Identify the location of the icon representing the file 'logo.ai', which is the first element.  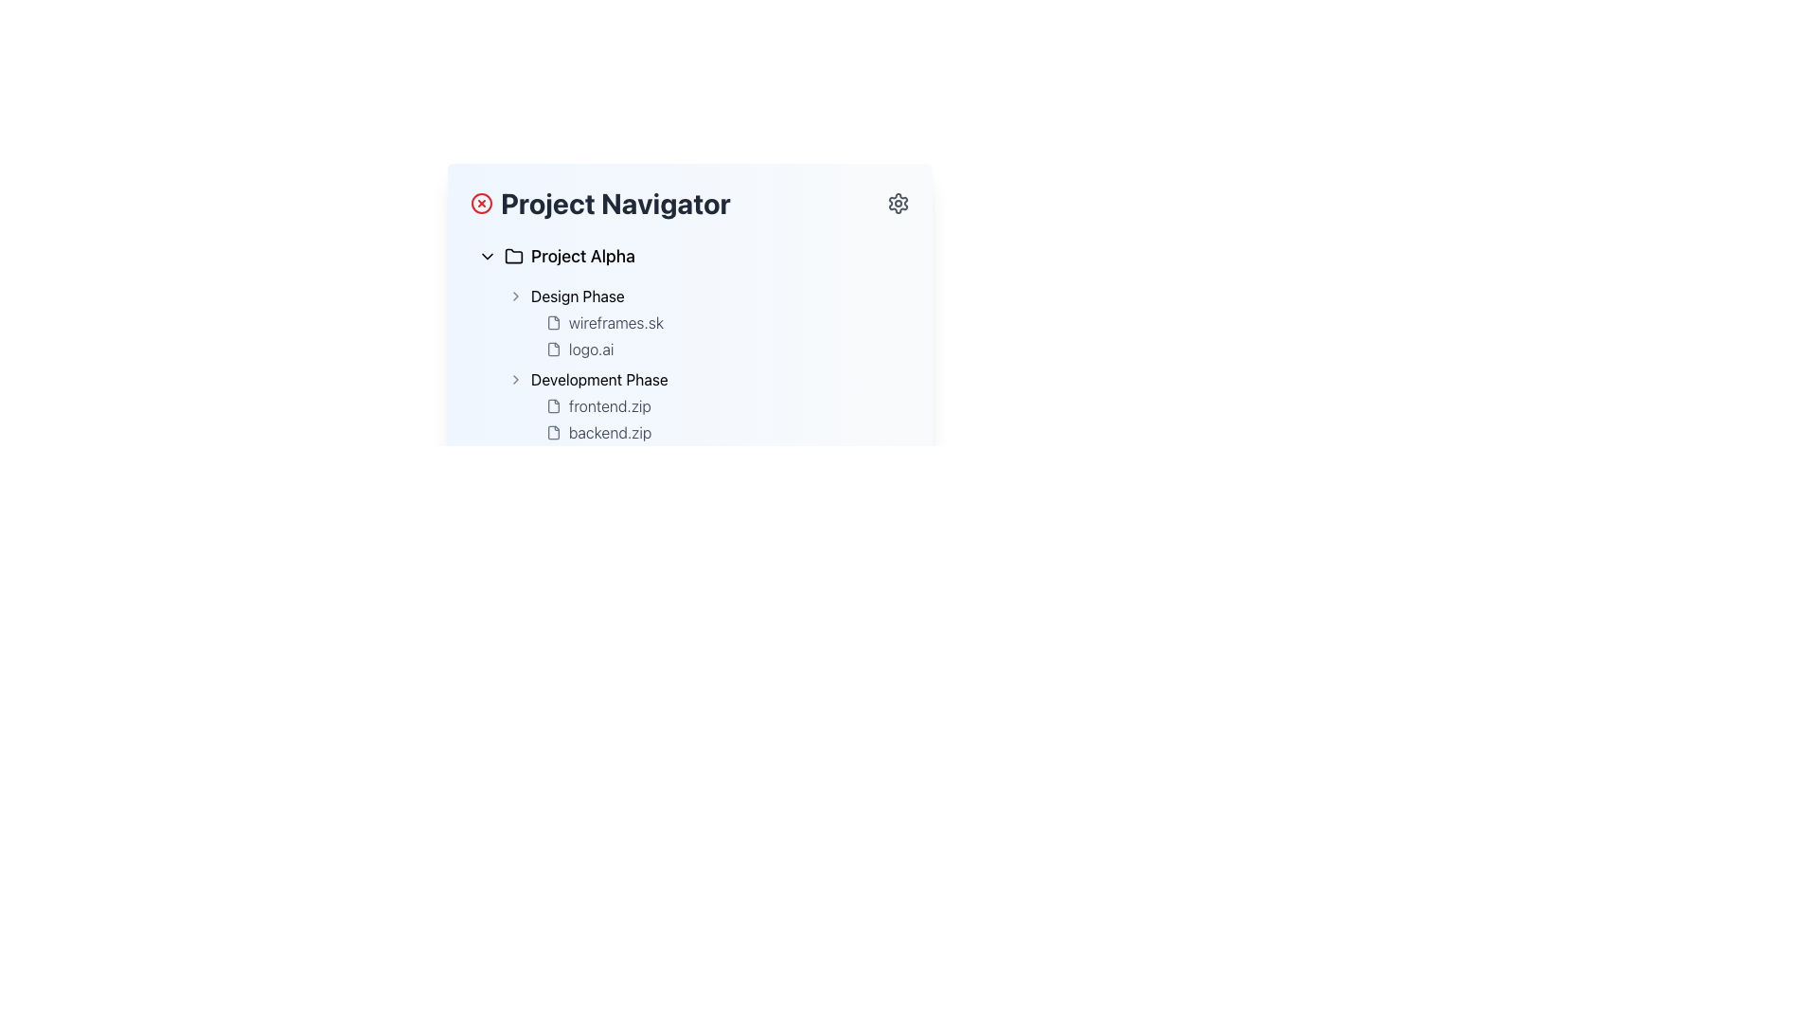
(553, 350).